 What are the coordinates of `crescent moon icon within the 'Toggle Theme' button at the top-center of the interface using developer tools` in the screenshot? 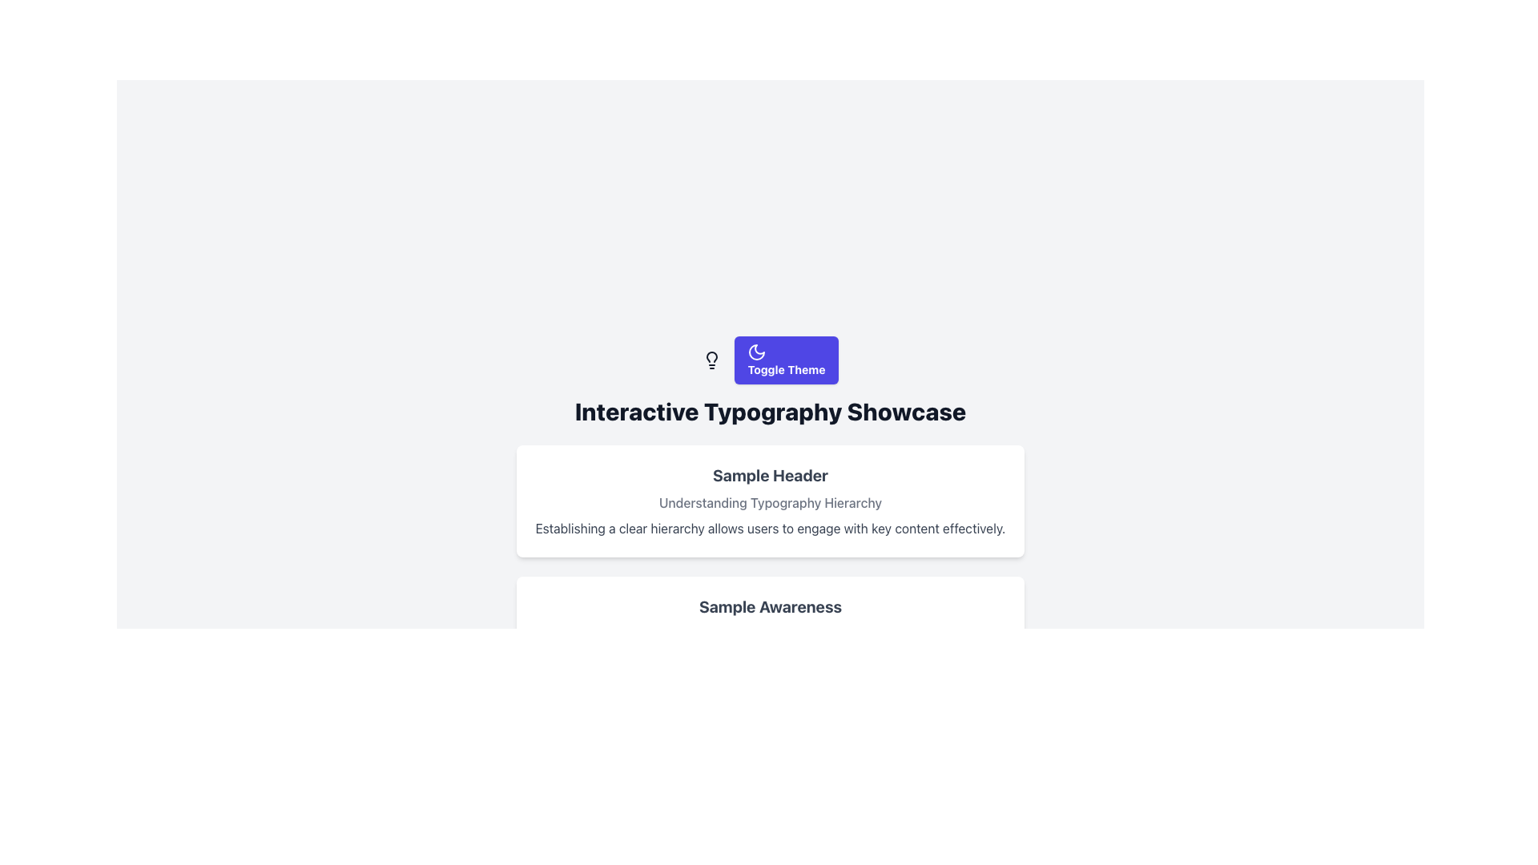 It's located at (756, 351).